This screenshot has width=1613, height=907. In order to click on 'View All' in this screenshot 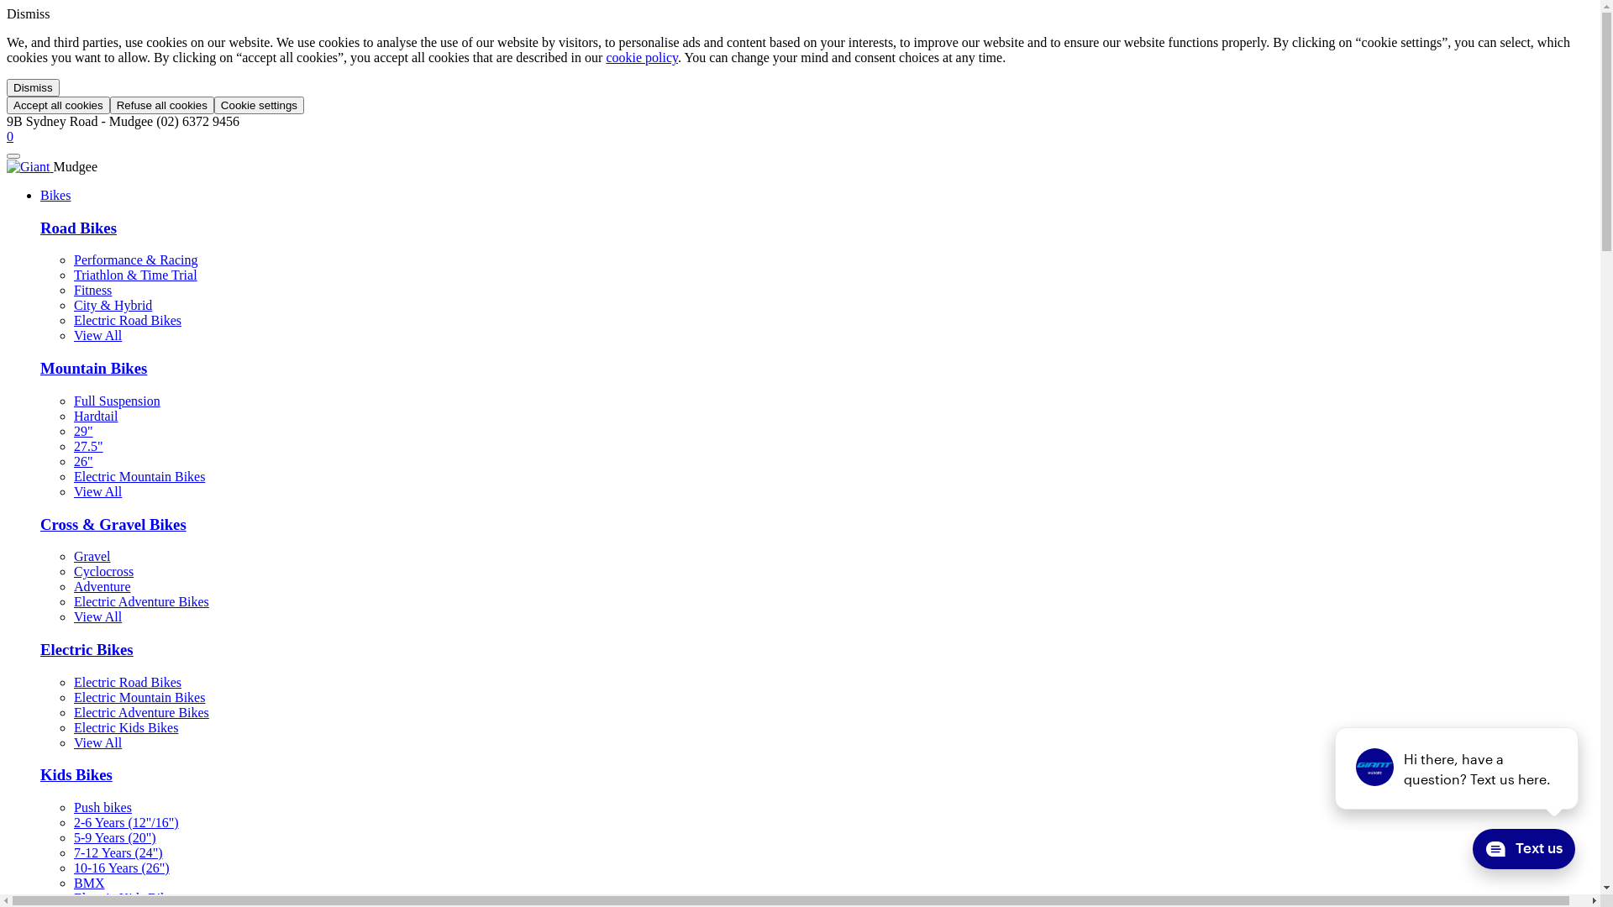, I will do `click(97, 491)`.